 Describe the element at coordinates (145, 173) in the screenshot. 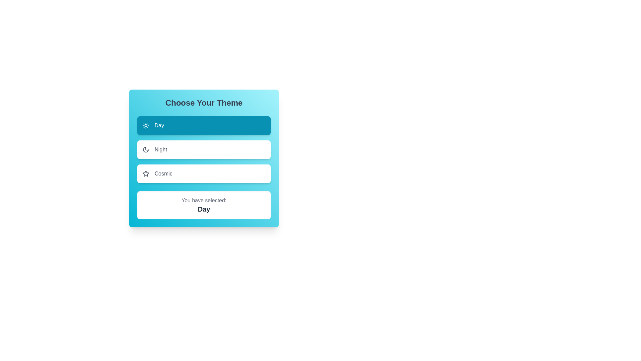

I see `the 'Cosmic' theme icon located within the 'Choose Your Theme' card layout` at that location.